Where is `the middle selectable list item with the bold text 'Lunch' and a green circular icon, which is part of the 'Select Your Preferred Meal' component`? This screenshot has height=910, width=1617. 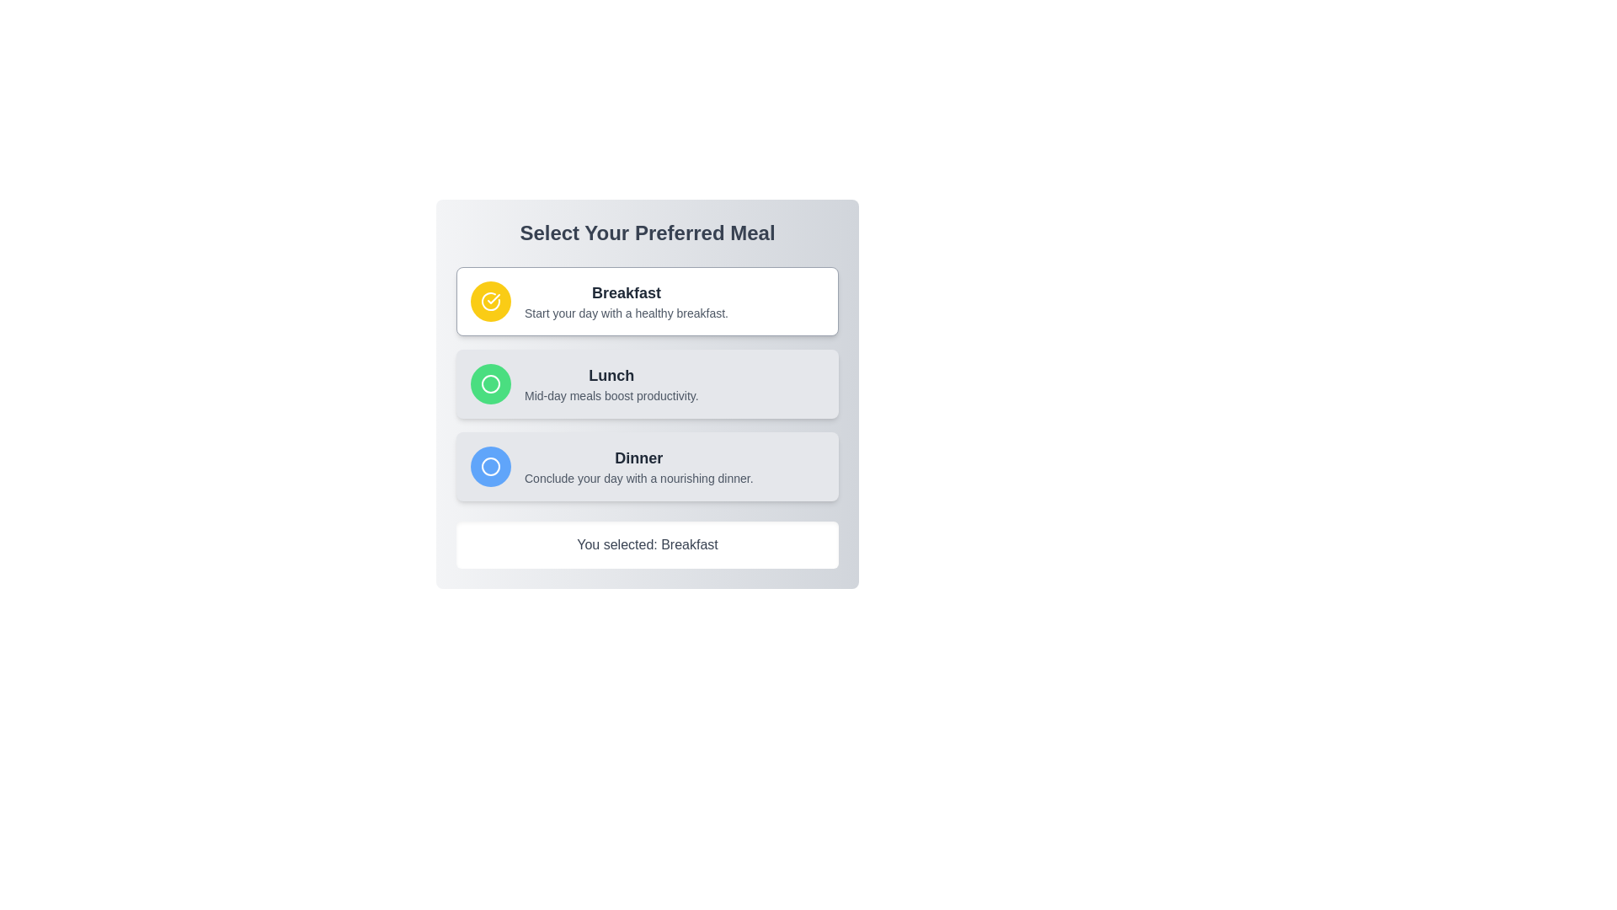 the middle selectable list item with the bold text 'Lunch' and a green circular icon, which is part of the 'Select Your Preferred Meal' component is located at coordinates (646, 383).